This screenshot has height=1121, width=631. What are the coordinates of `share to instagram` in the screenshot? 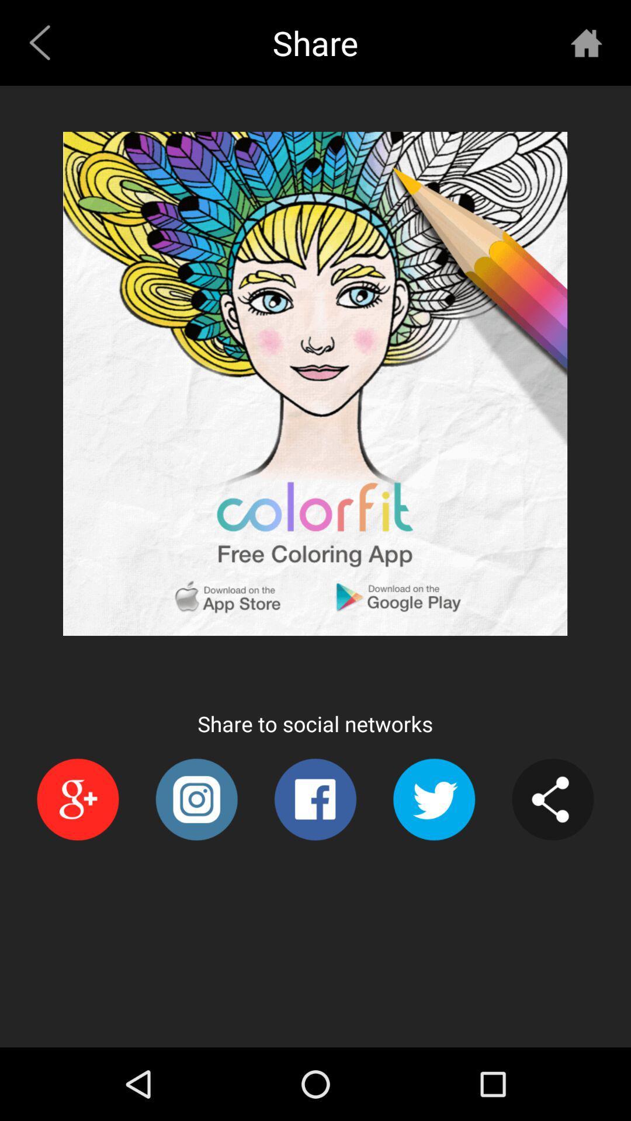 It's located at (196, 799).